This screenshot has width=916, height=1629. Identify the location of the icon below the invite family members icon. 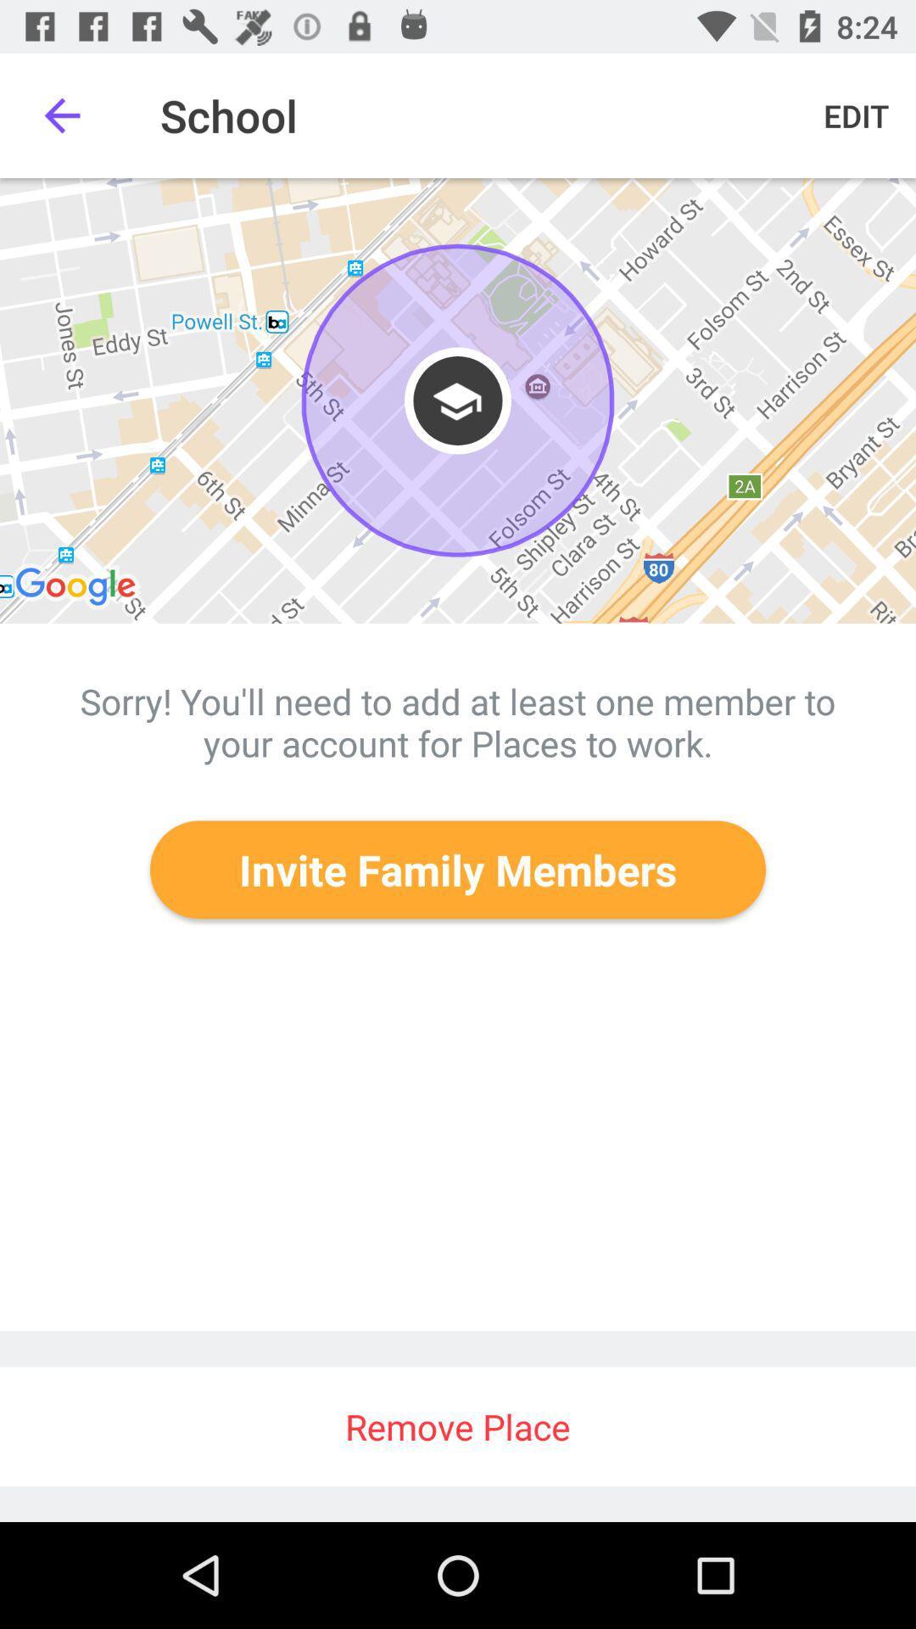
(458, 1425).